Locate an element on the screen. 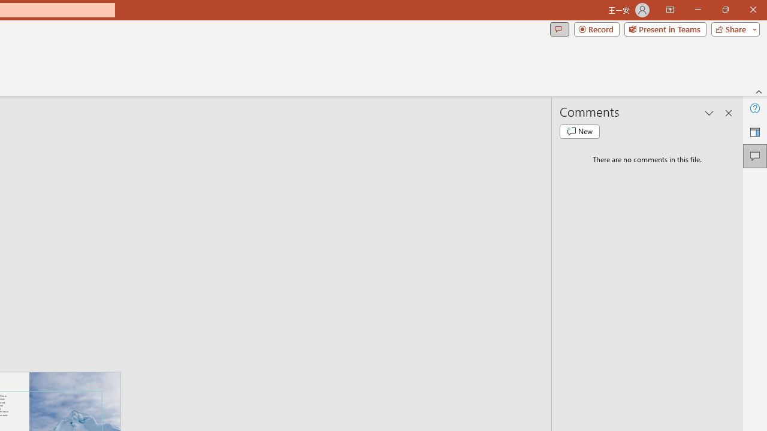  'Close pane' is located at coordinates (728, 113).